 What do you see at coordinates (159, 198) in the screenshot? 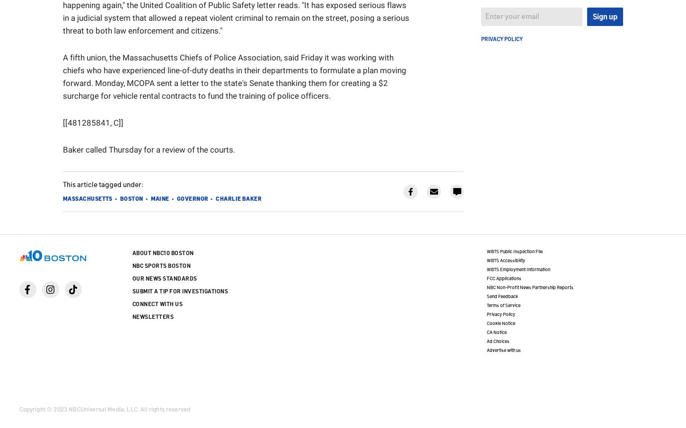
I see `'Maine'` at bounding box center [159, 198].